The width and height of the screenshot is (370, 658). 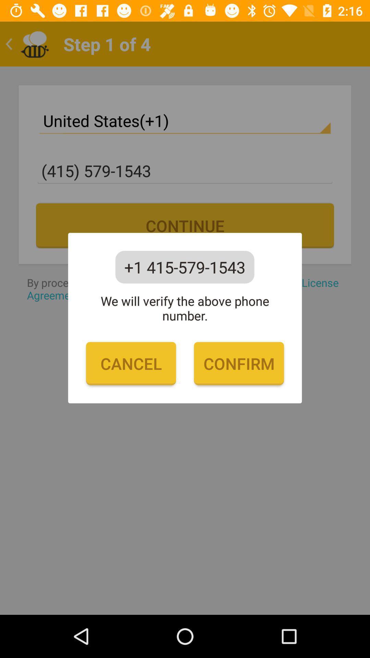 What do you see at coordinates (238, 363) in the screenshot?
I see `the item below the we will verify icon` at bounding box center [238, 363].